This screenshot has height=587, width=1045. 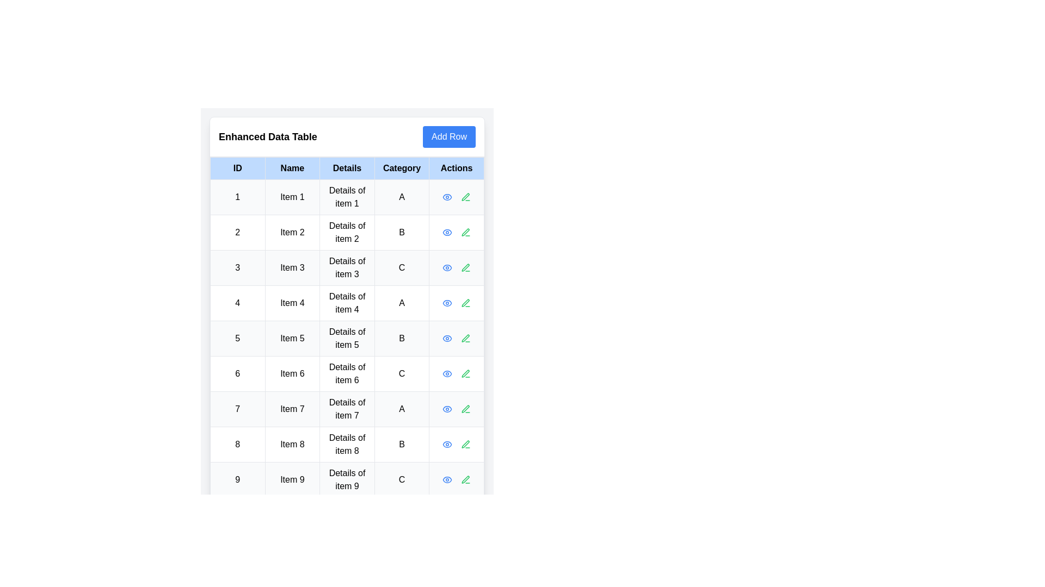 I want to click on text displayed in the Text label located in the second column of the fifth row of the data table, which is associated with ID 5, so click(x=292, y=338).